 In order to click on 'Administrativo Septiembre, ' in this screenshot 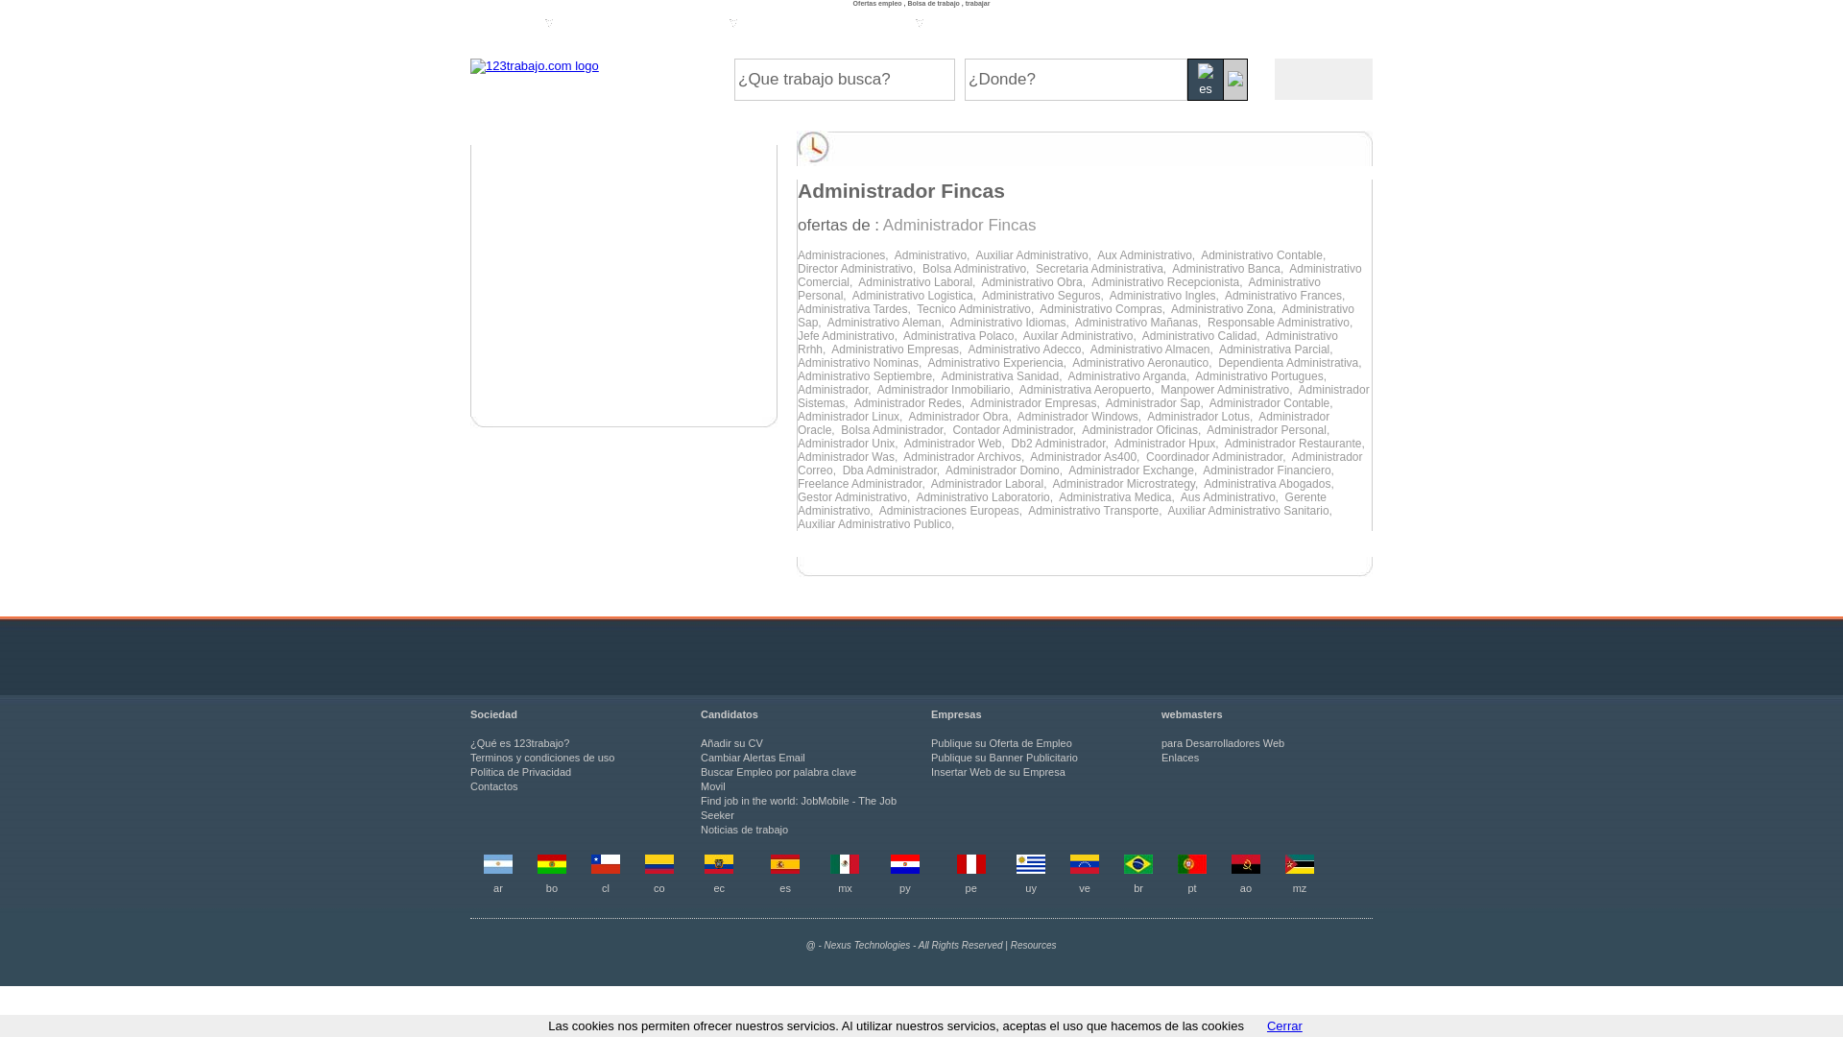, I will do `click(868, 376)`.